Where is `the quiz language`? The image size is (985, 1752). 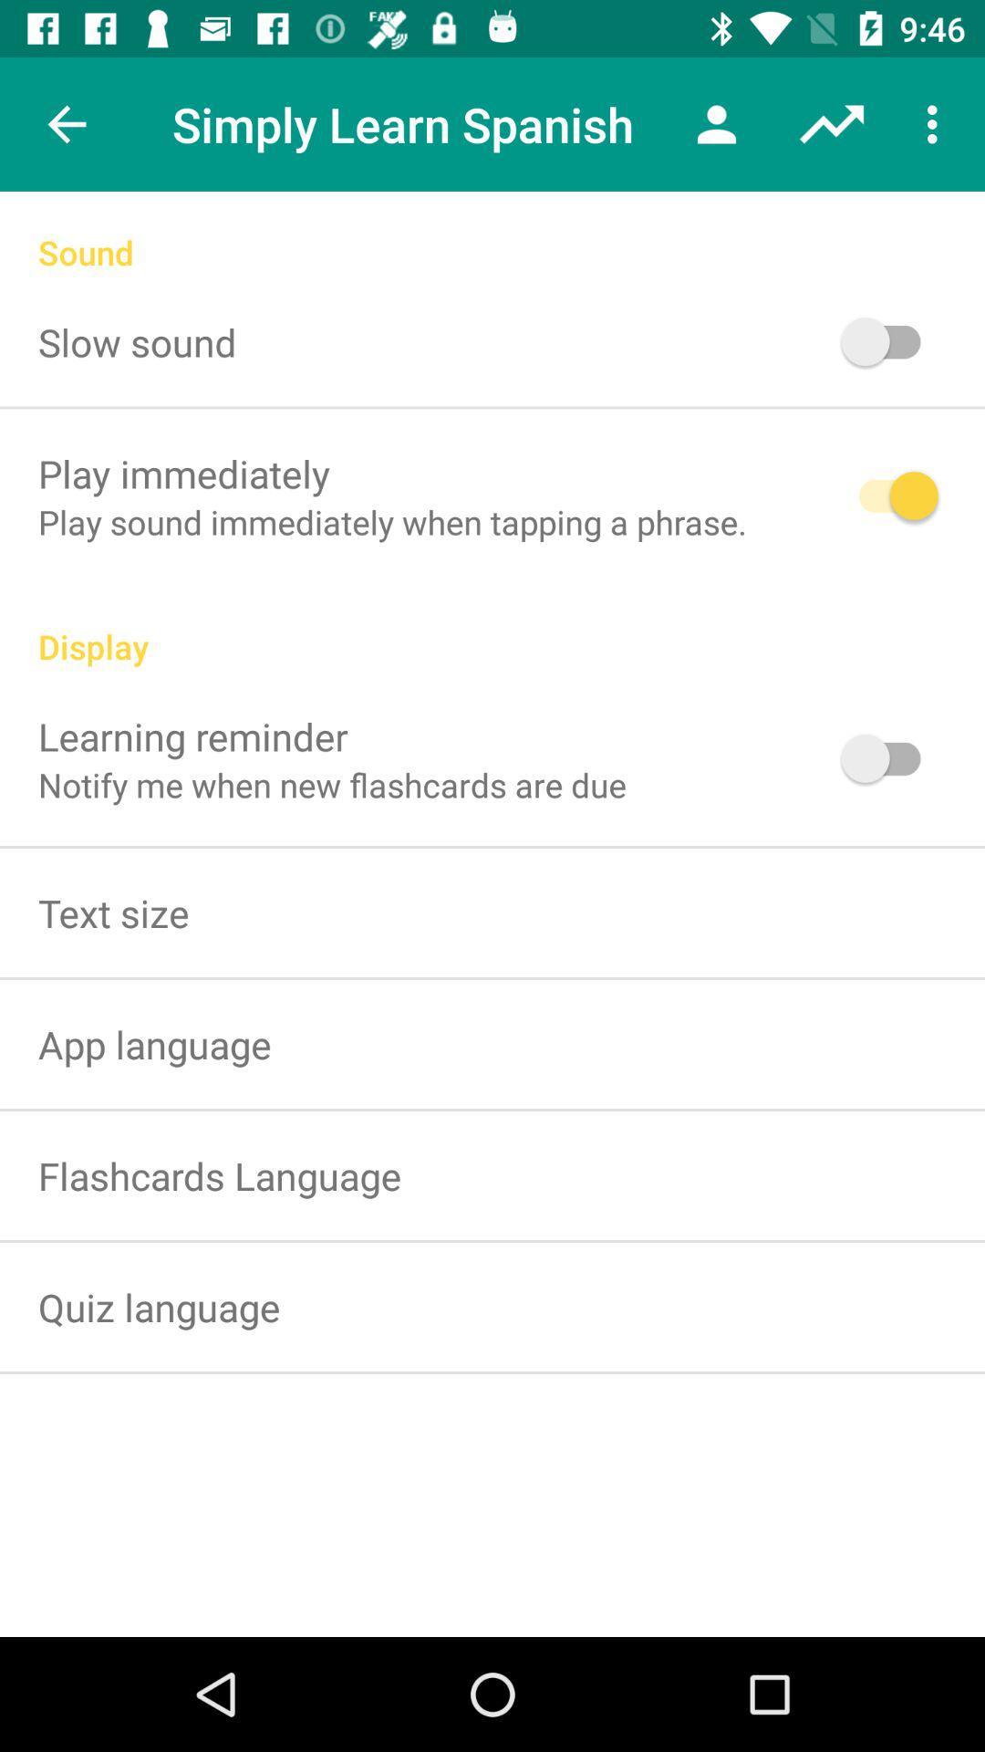 the quiz language is located at coordinates (158, 1306).